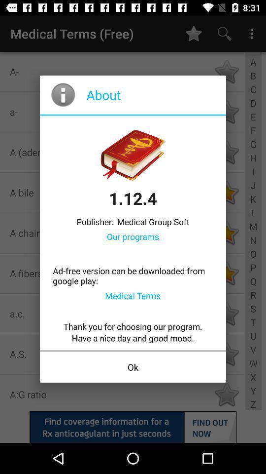  What do you see at coordinates (133, 366) in the screenshot?
I see `ok icon` at bounding box center [133, 366].